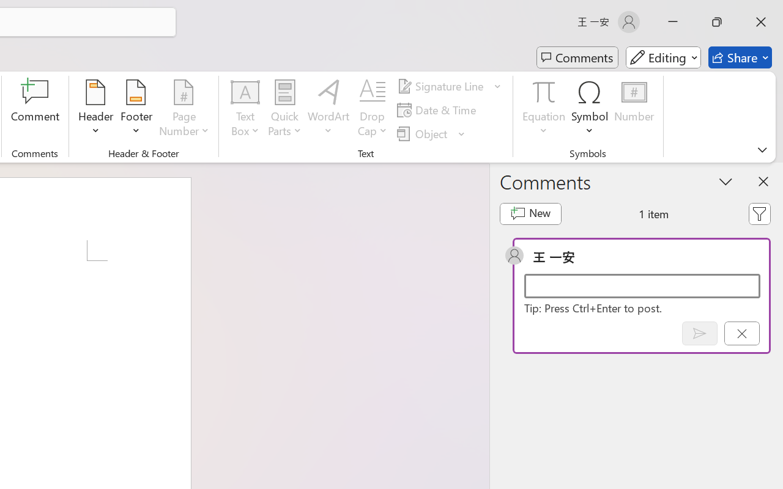 Image resolution: width=783 pixels, height=489 pixels. I want to click on 'Start a conversation', so click(642, 286).